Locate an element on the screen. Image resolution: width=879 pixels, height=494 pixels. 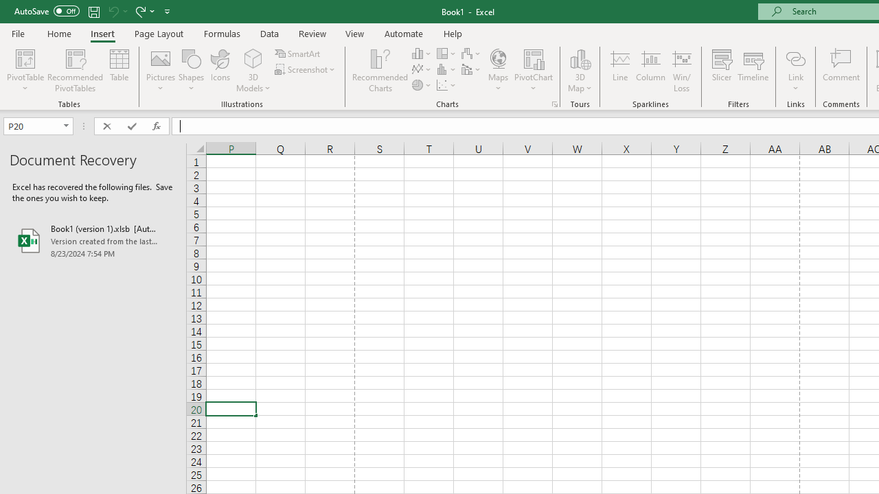
'Customize Quick Access Toolbar' is located at coordinates (167, 11).